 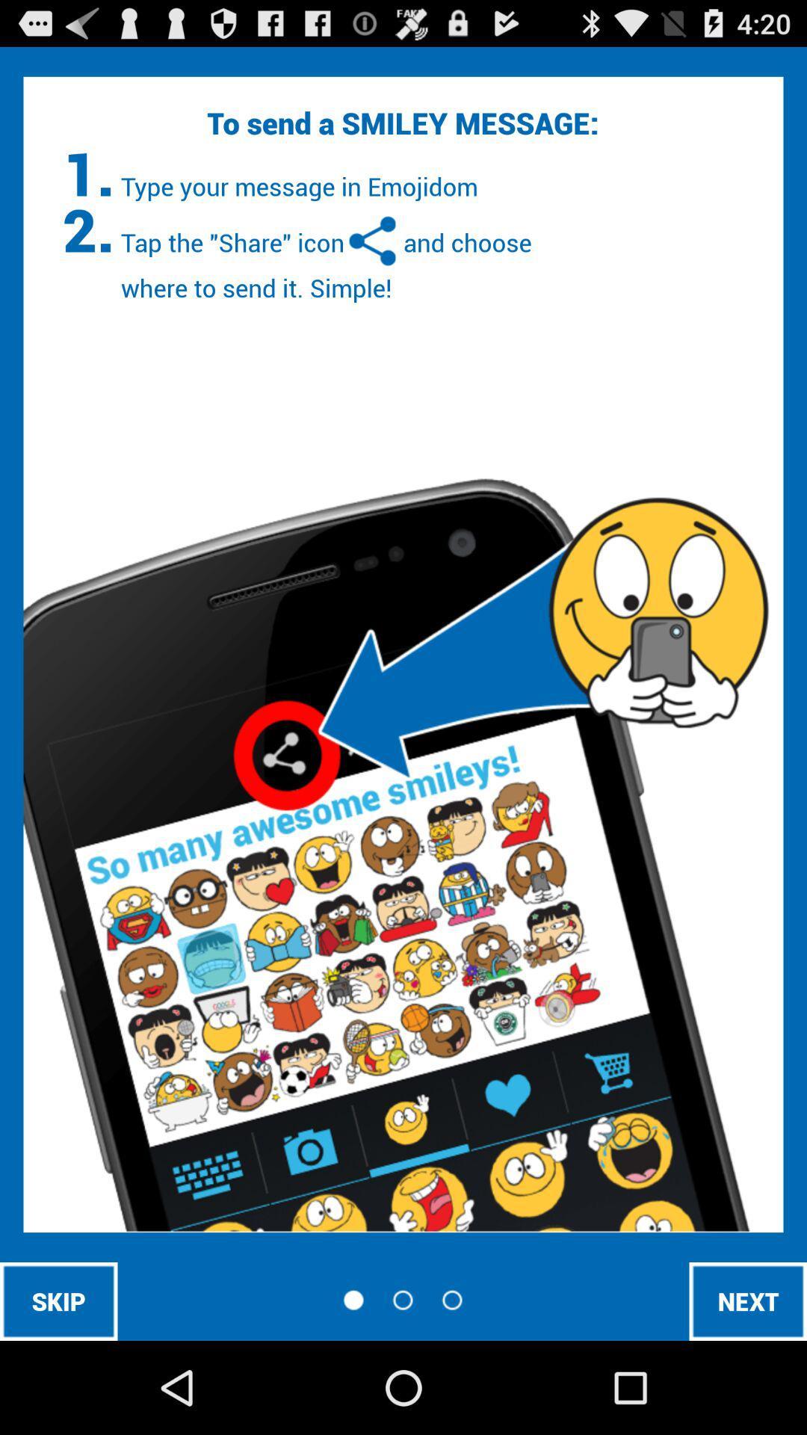 I want to click on next item, so click(x=748, y=1300).